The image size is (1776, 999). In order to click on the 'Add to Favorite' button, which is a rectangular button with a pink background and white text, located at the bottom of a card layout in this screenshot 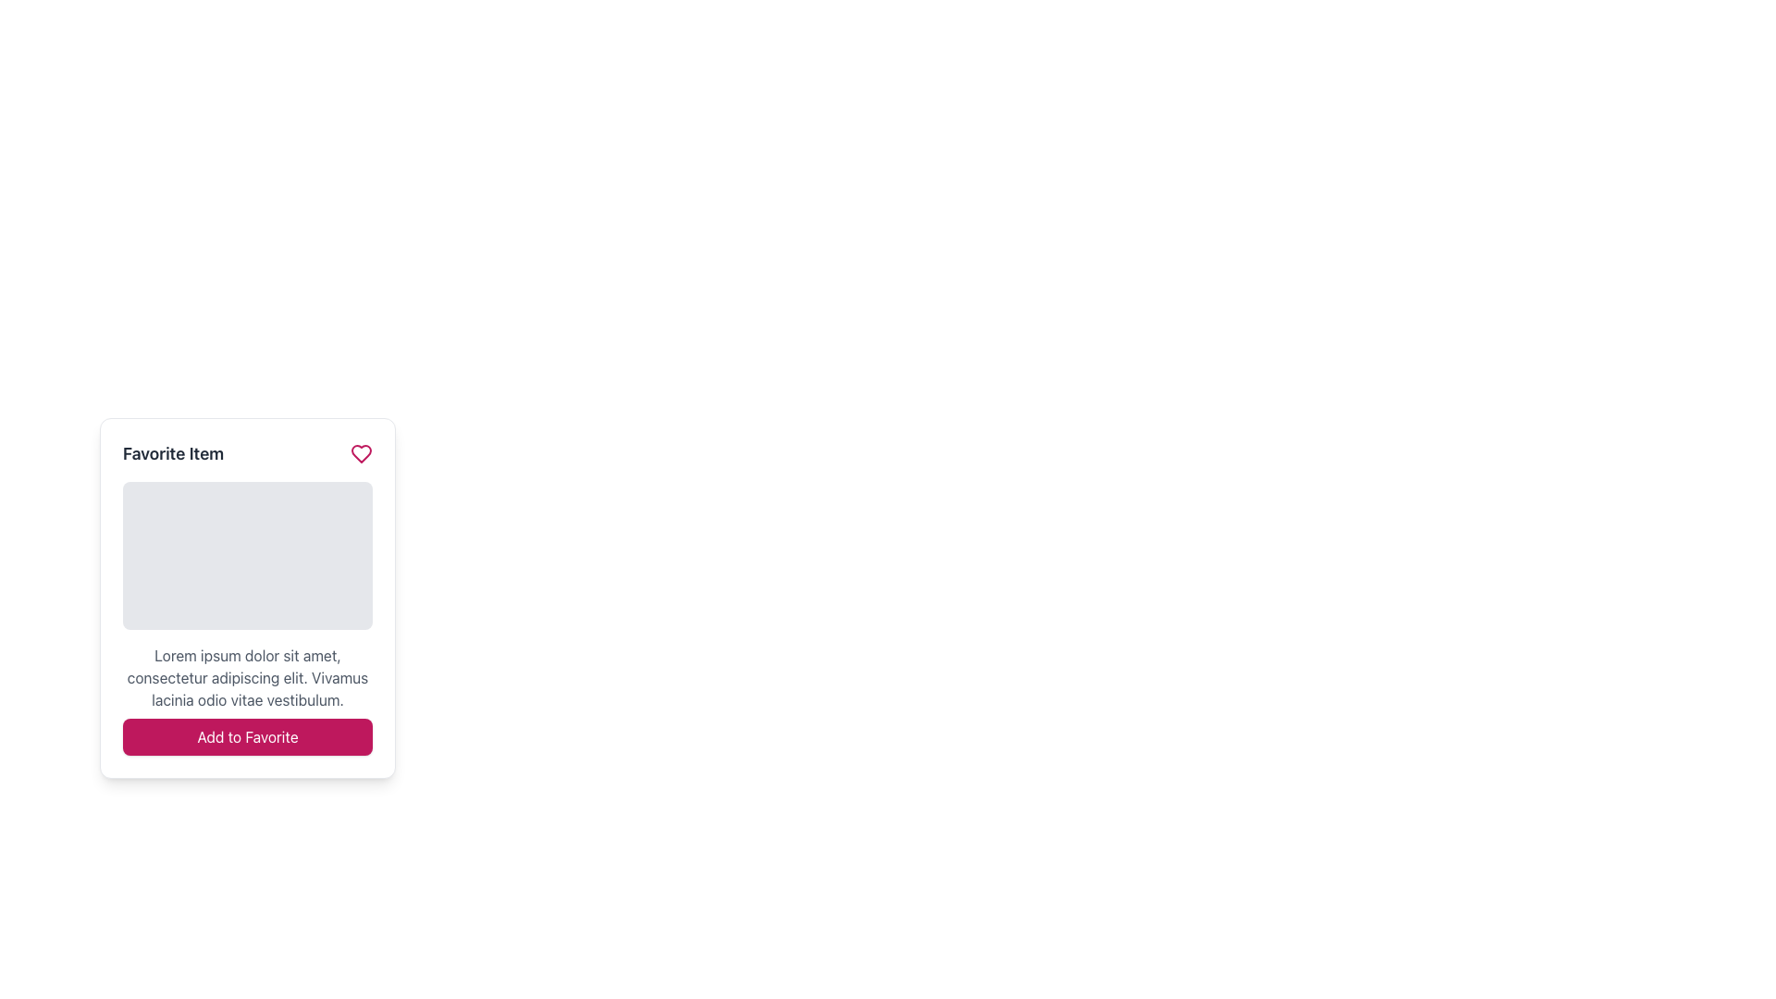, I will do `click(247, 736)`.